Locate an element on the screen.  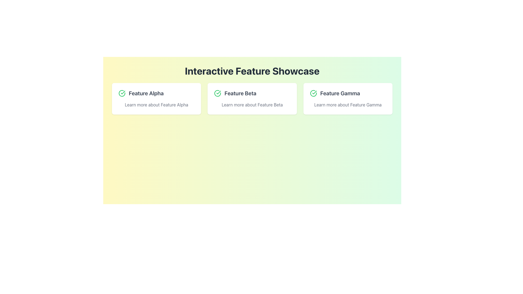
the positive status icon associated with 'Feature Gamma' located to the left of the text 'Feature Gamma' is located at coordinates (313, 93).